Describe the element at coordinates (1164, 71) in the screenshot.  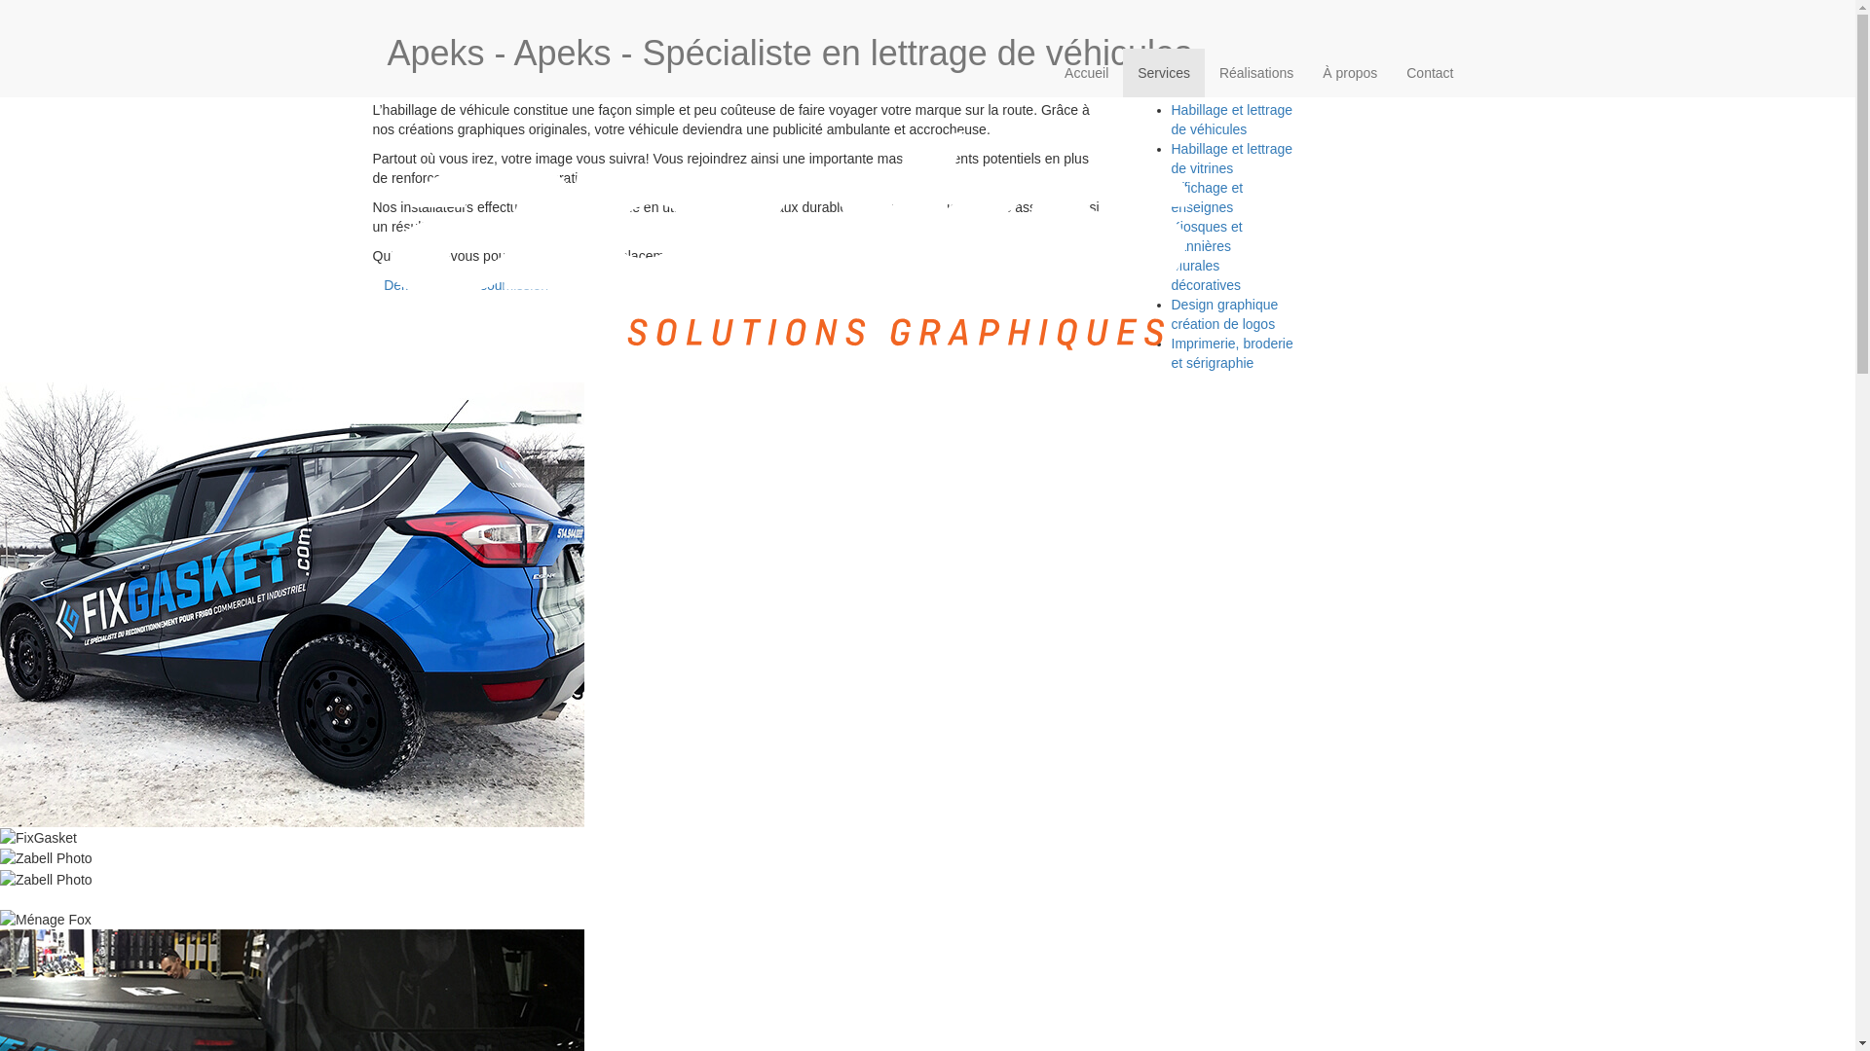
I see `'Services'` at that location.